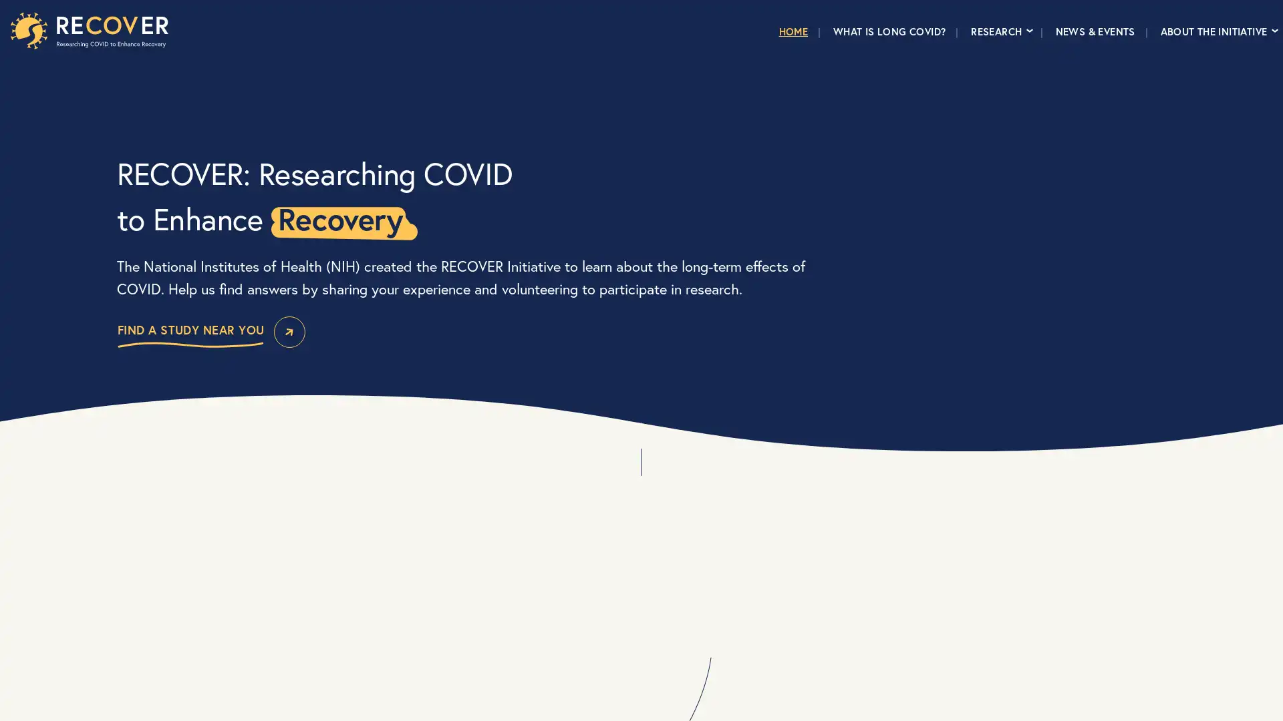 This screenshot has width=1283, height=721. I want to click on RESEARCH, so click(990, 30).